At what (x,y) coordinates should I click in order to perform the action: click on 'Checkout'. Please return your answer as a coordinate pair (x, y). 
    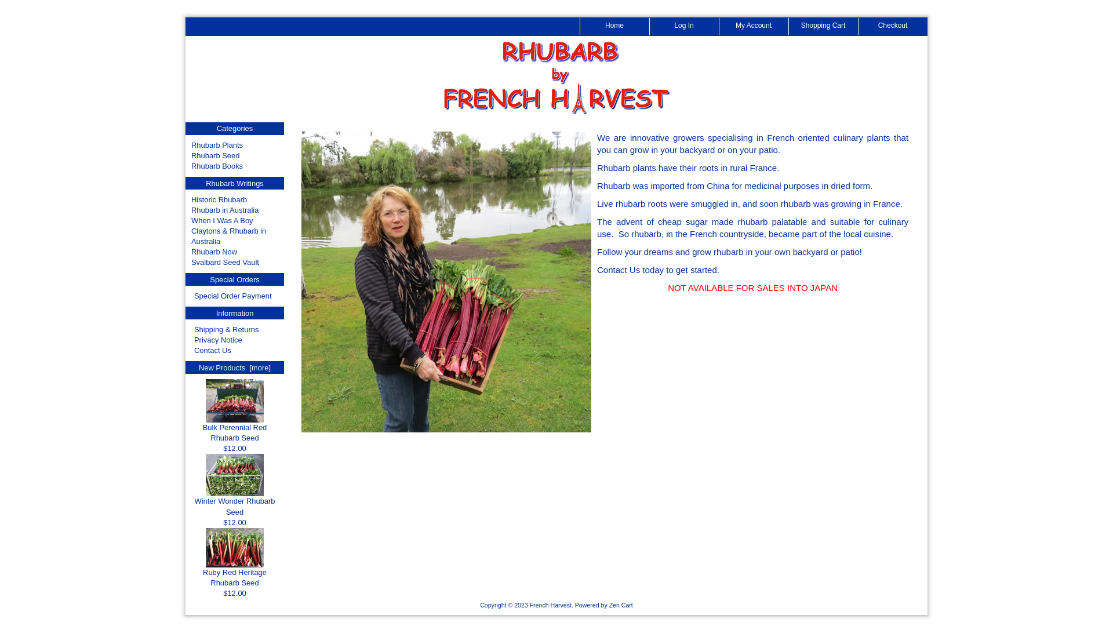
    Looking at the image, I should click on (892, 26).